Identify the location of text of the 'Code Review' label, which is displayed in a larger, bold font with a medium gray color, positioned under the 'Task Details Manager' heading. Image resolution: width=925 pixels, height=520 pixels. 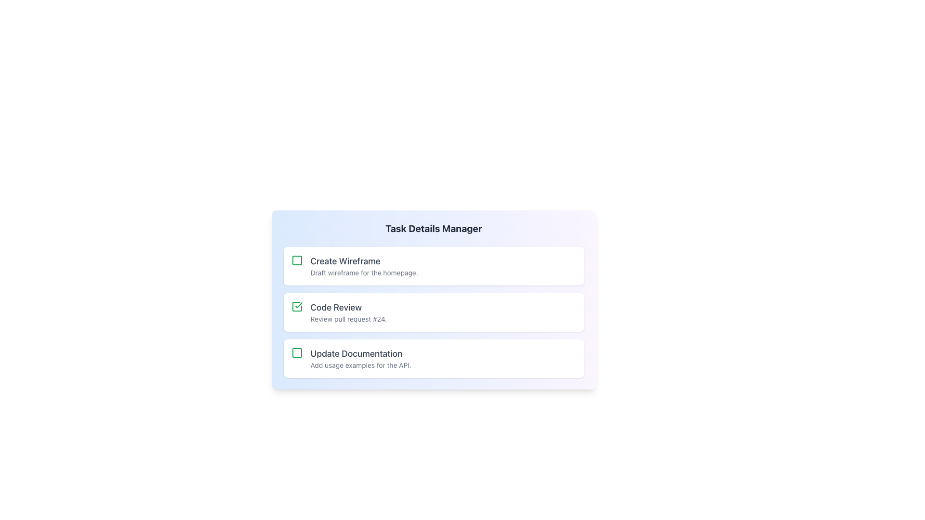
(348, 308).